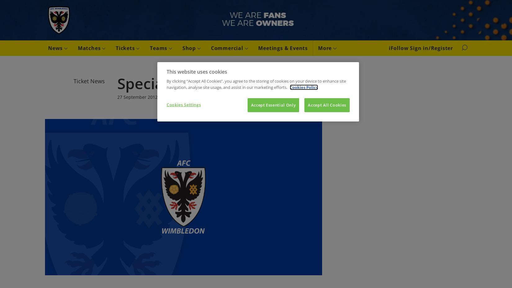  Describe the element at coordinates (283, 48) in the screenshot. I see `'Meetings & Events'` at that location.